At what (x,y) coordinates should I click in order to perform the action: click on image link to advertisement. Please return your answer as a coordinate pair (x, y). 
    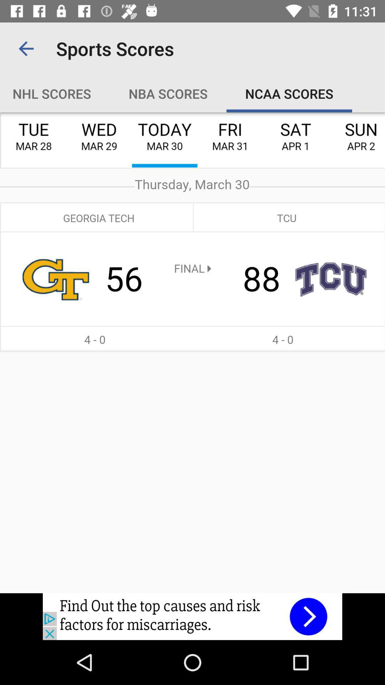
    Looking at the image, I should click on (192, 616).